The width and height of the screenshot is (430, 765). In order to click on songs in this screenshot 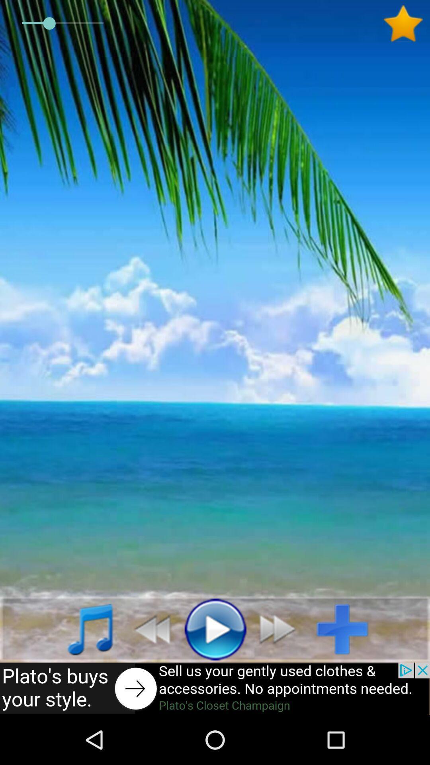, I will do `click(81, 628)`.